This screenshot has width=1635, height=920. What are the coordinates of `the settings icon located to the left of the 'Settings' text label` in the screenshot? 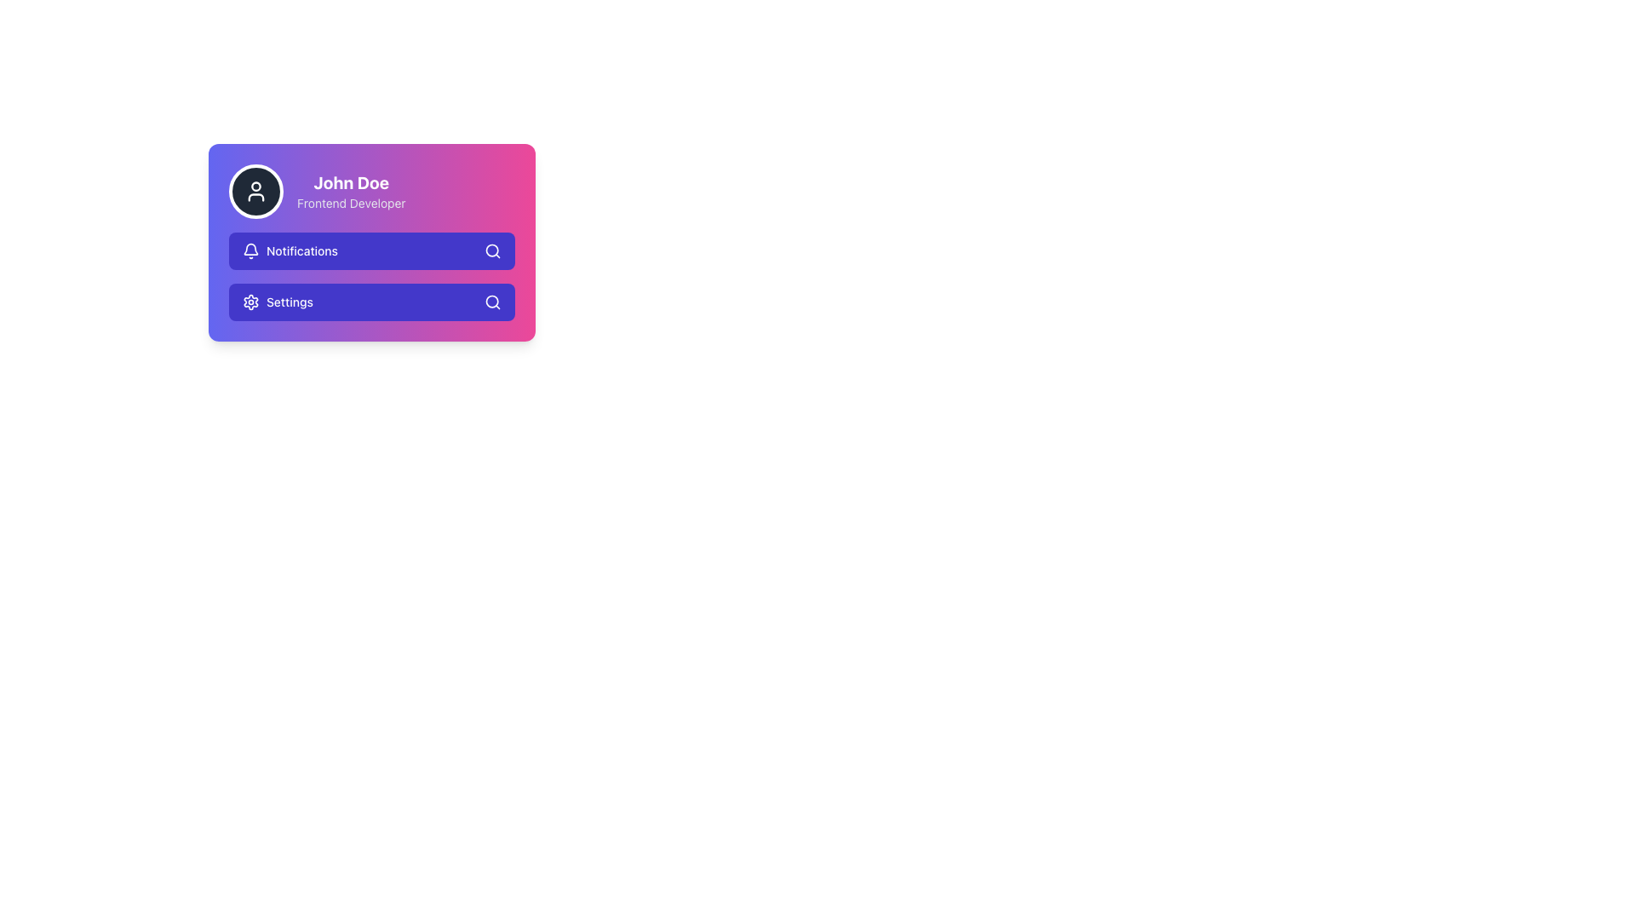 It's located at (250, 301).